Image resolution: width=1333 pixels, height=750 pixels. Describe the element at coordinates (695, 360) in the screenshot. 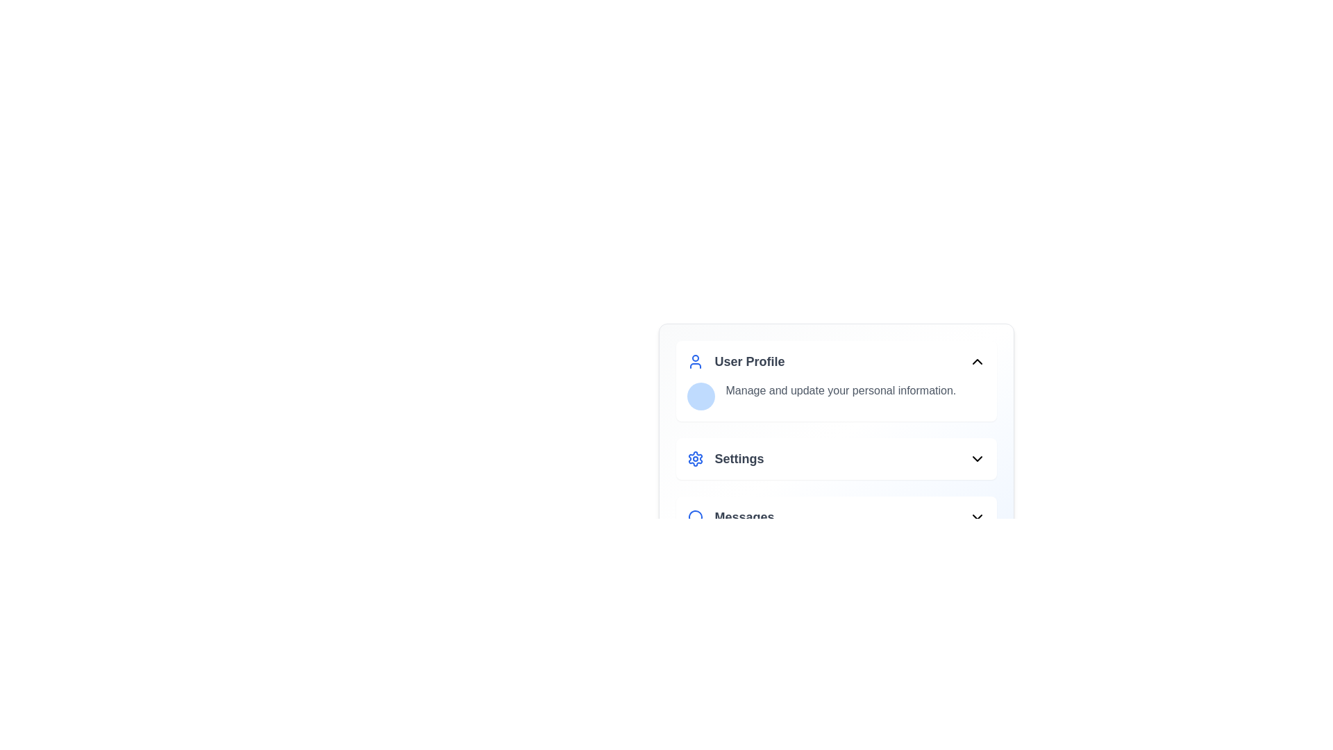

I see `the blue user silhouette icon located to the left of the 'User Profile' text` at that location.